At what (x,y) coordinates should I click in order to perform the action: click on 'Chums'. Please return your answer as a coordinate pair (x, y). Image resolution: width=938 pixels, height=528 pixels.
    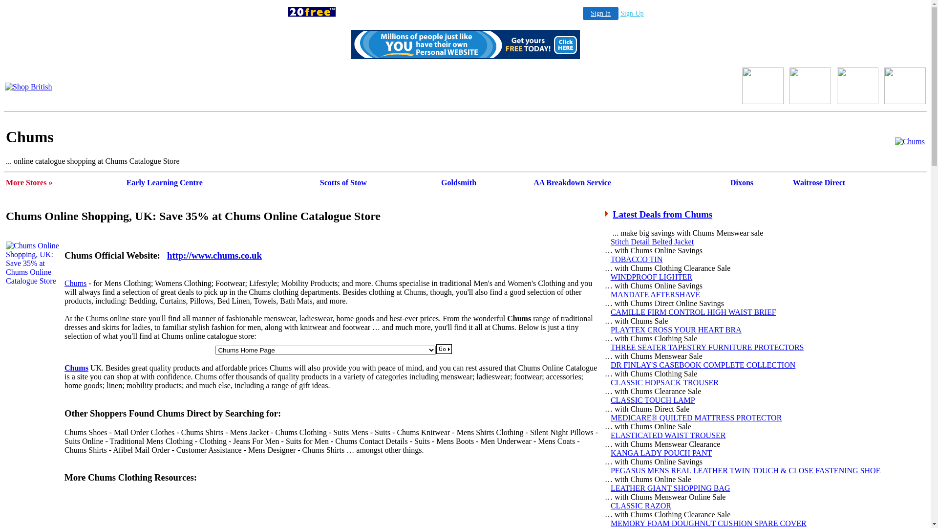
    Looking at the image, I should click on (75, 283).